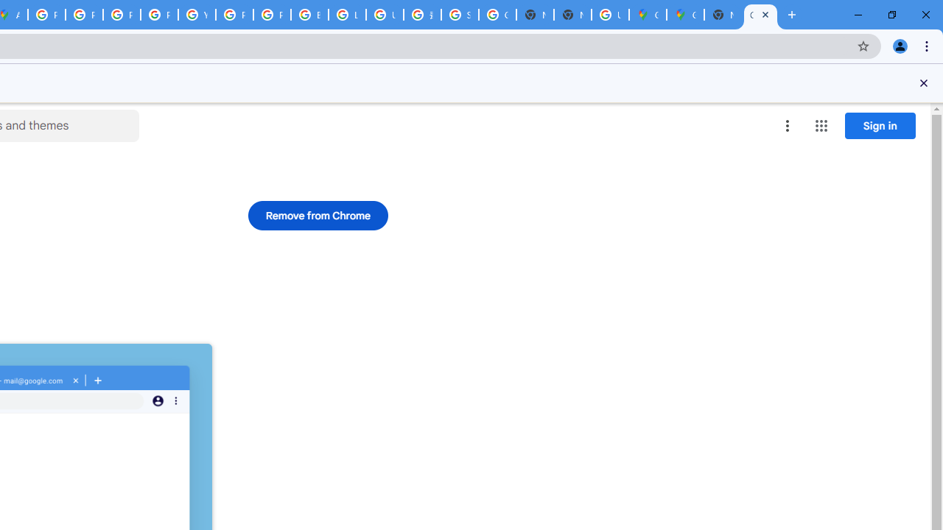 The image size is (943, 530). I want to click on 'YouTube', so click(196, 15).